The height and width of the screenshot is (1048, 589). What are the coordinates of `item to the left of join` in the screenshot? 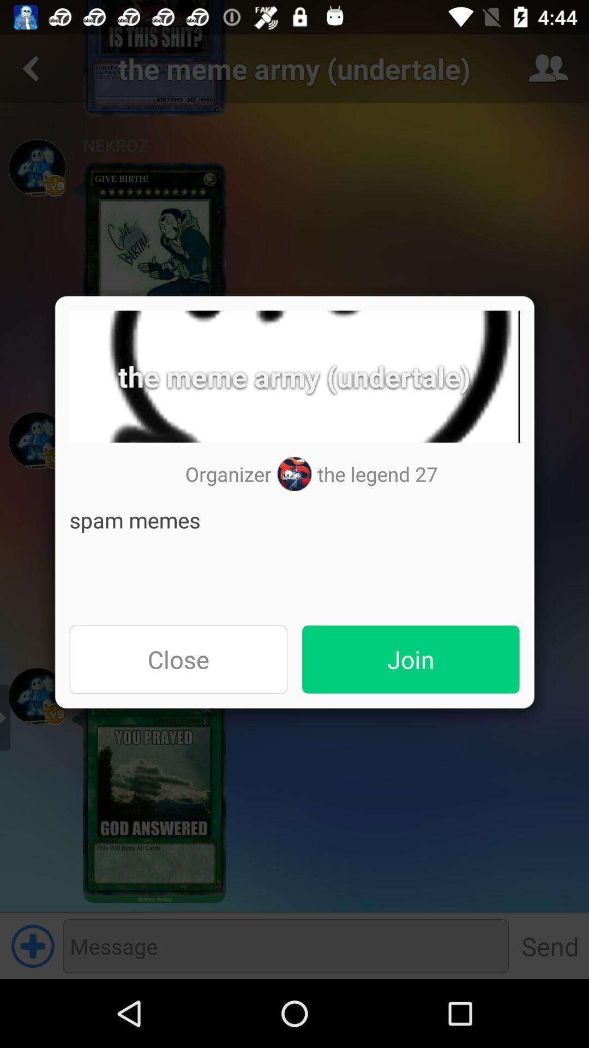 It's located at (178, 659).